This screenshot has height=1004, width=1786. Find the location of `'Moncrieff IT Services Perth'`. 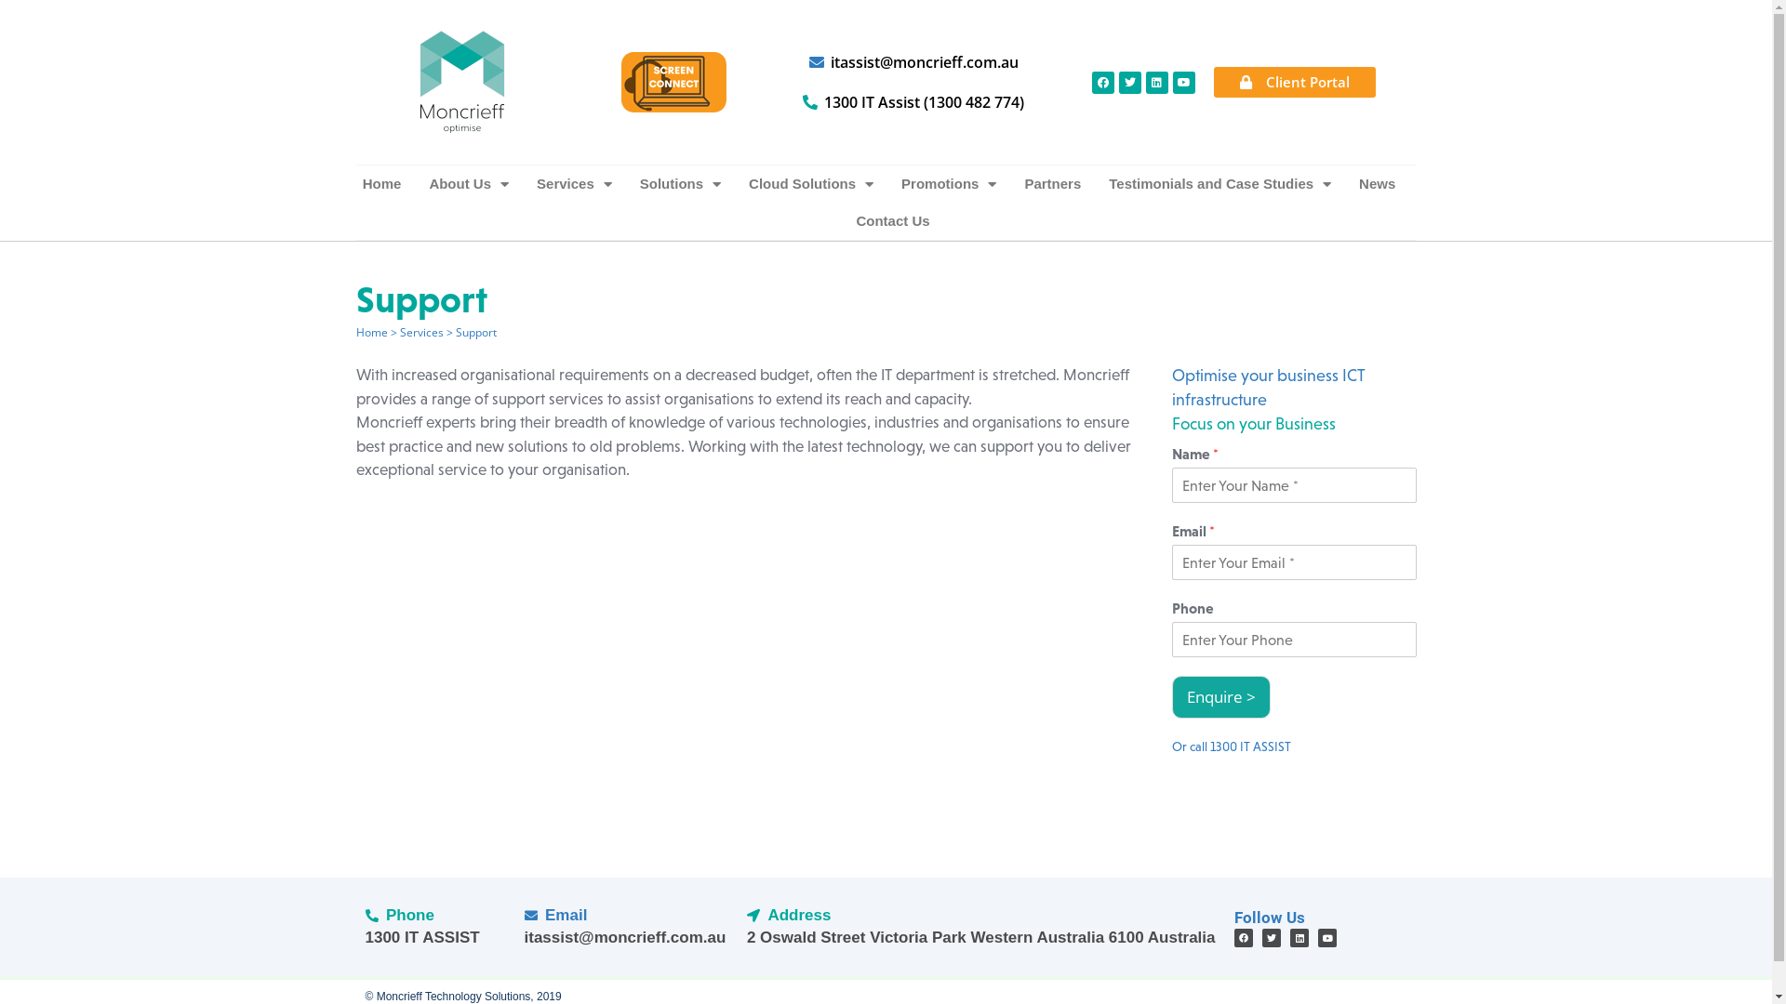

'Moncrieff IT Services Perth' is located at coordinates (414, 81).